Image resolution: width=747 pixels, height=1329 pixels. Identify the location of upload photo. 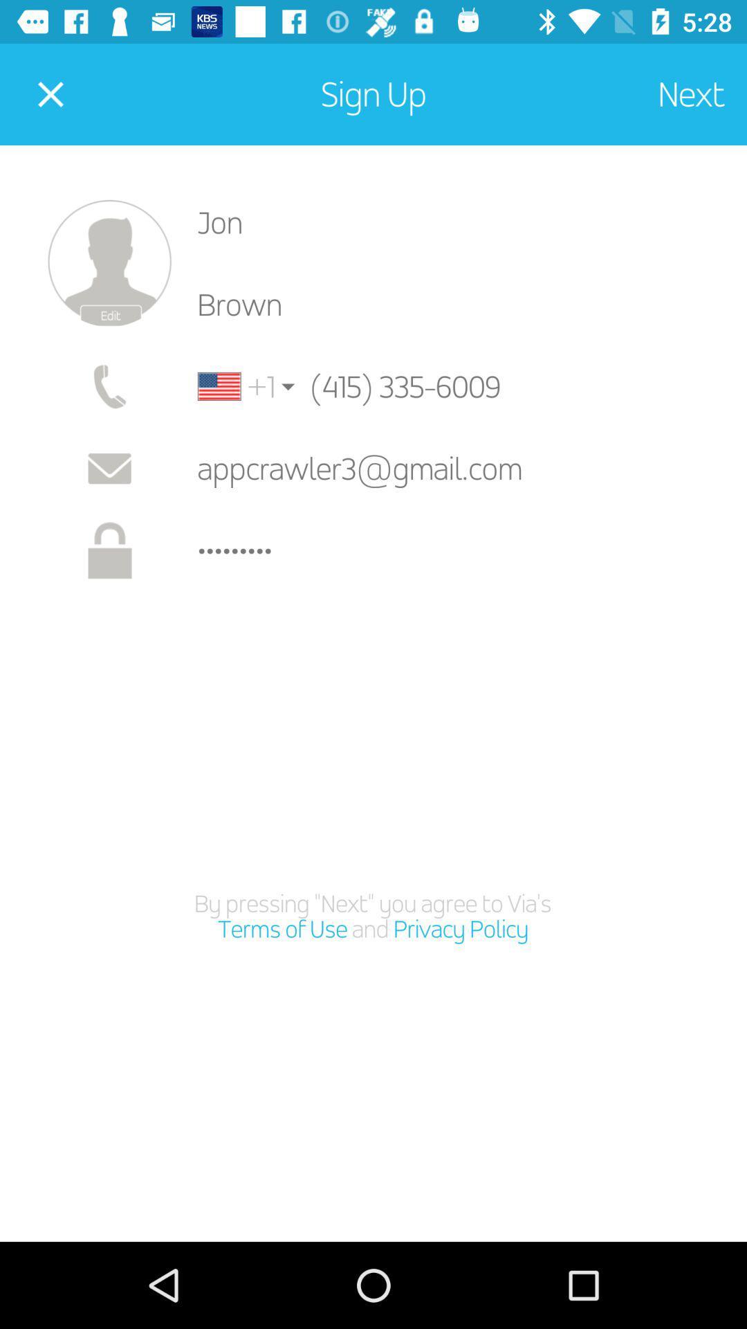
(109, 263).